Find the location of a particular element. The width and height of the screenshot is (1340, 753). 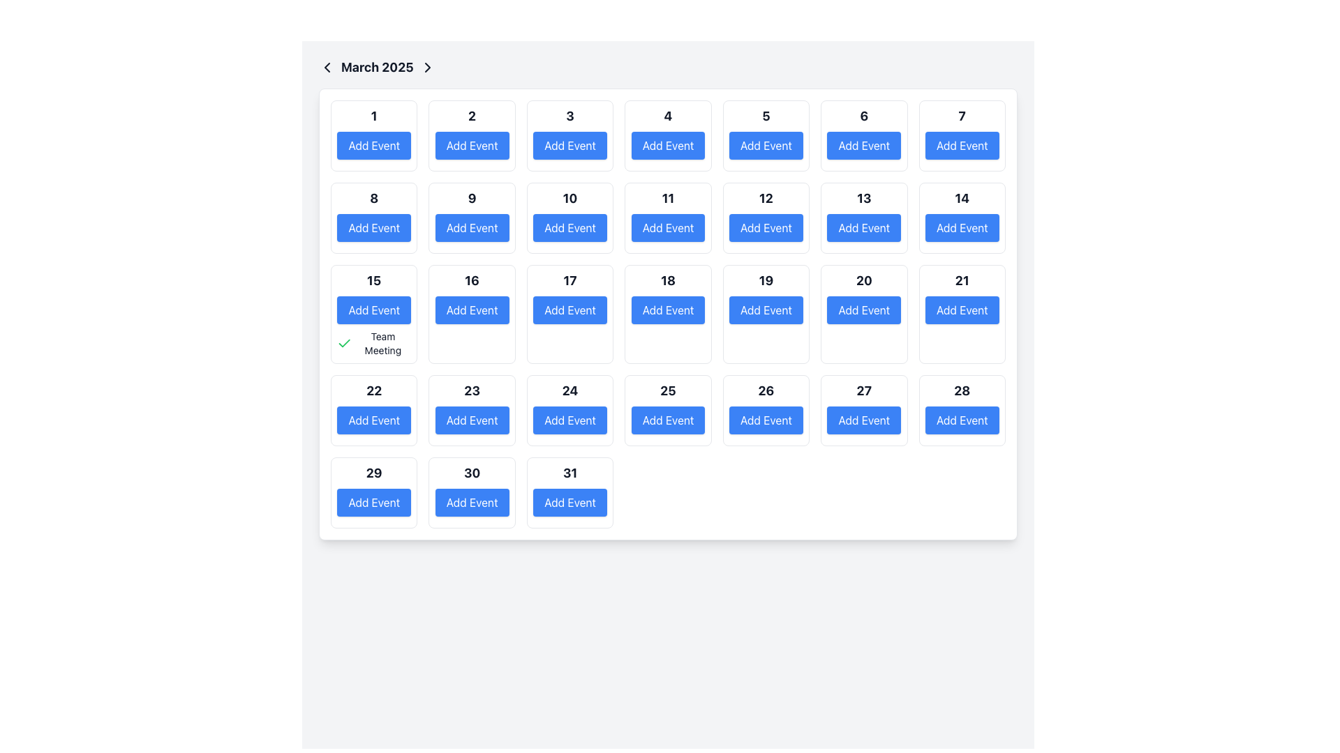

the rectangular button labeled 'Add Event' with a bold blue background to change its color is located at coordinates (863, 227).